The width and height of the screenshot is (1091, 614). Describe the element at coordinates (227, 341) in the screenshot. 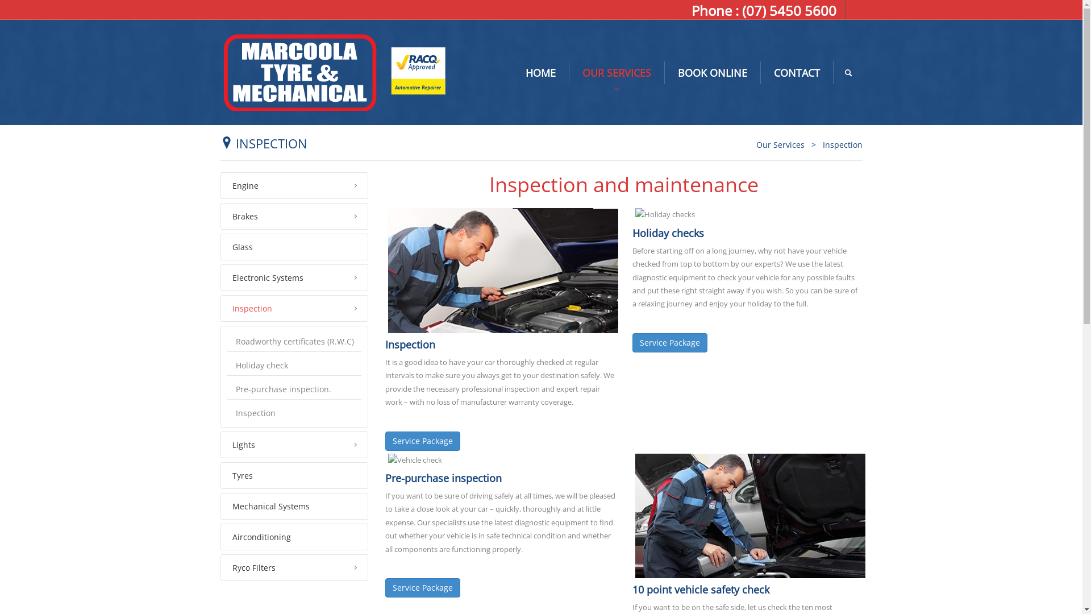

I see `'Roadworthy certificates (R.W.C)'` at that location.